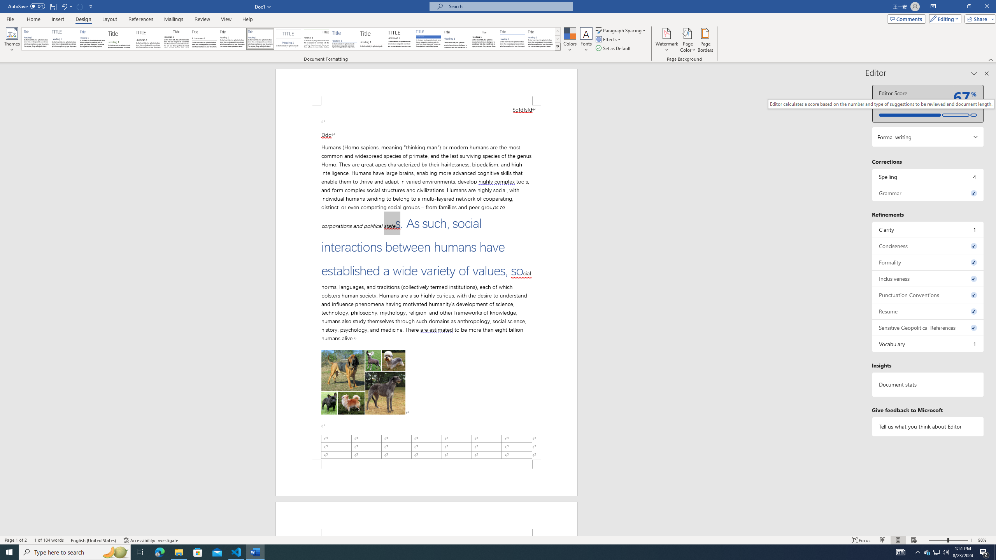  What do you see at coordinates (291, 38) in the screenshot?
I see `'AutomationID: QuickStylesSets'` at bounding box center [291, 38].